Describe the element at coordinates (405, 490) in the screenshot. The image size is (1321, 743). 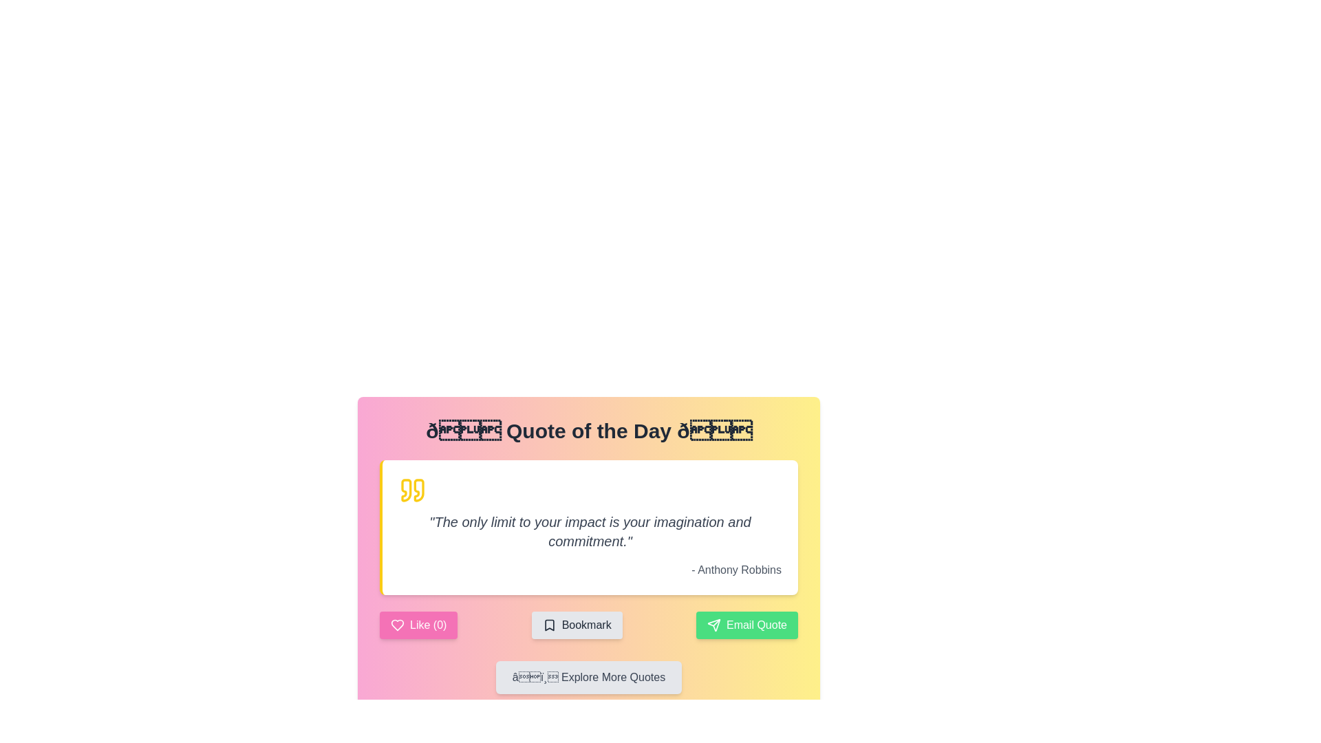
I see `the left-facing yellow quotation mark icon within the quote widget, located at the top left of the card` at that location.